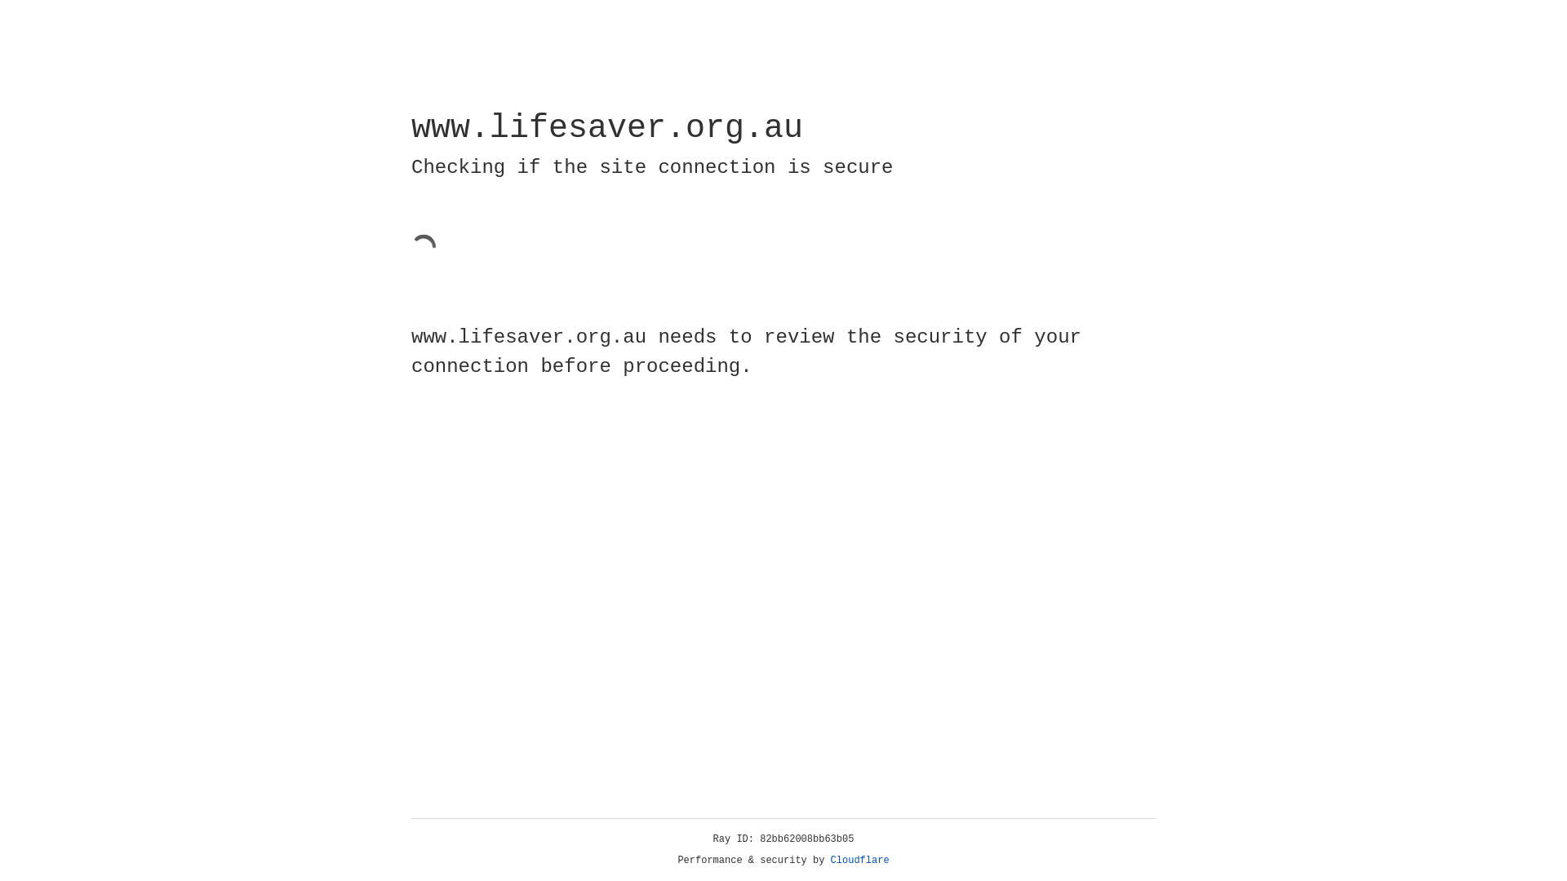 The height and width of the screenshot is (881, 1567). I want to click on 'Cloudflare', so click(859, 860).